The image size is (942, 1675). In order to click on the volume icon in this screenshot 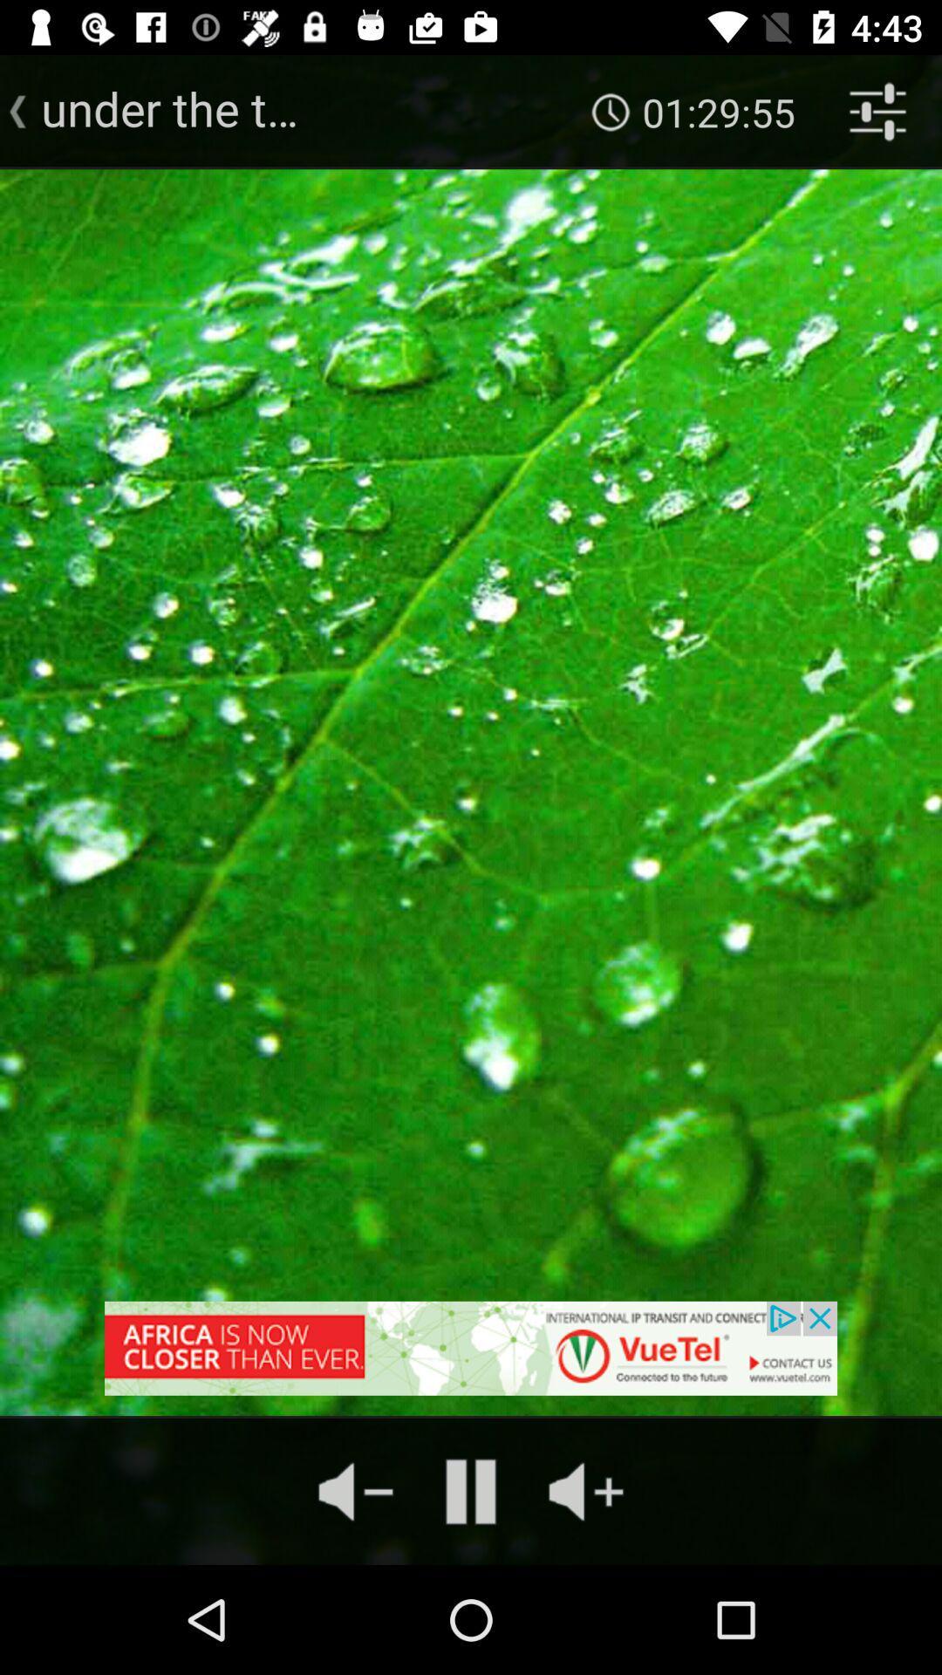, I will do `click(355, 1490)`.